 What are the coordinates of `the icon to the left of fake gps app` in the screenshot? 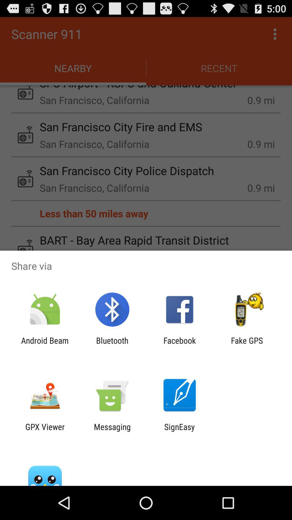 It's located at (180, 345).